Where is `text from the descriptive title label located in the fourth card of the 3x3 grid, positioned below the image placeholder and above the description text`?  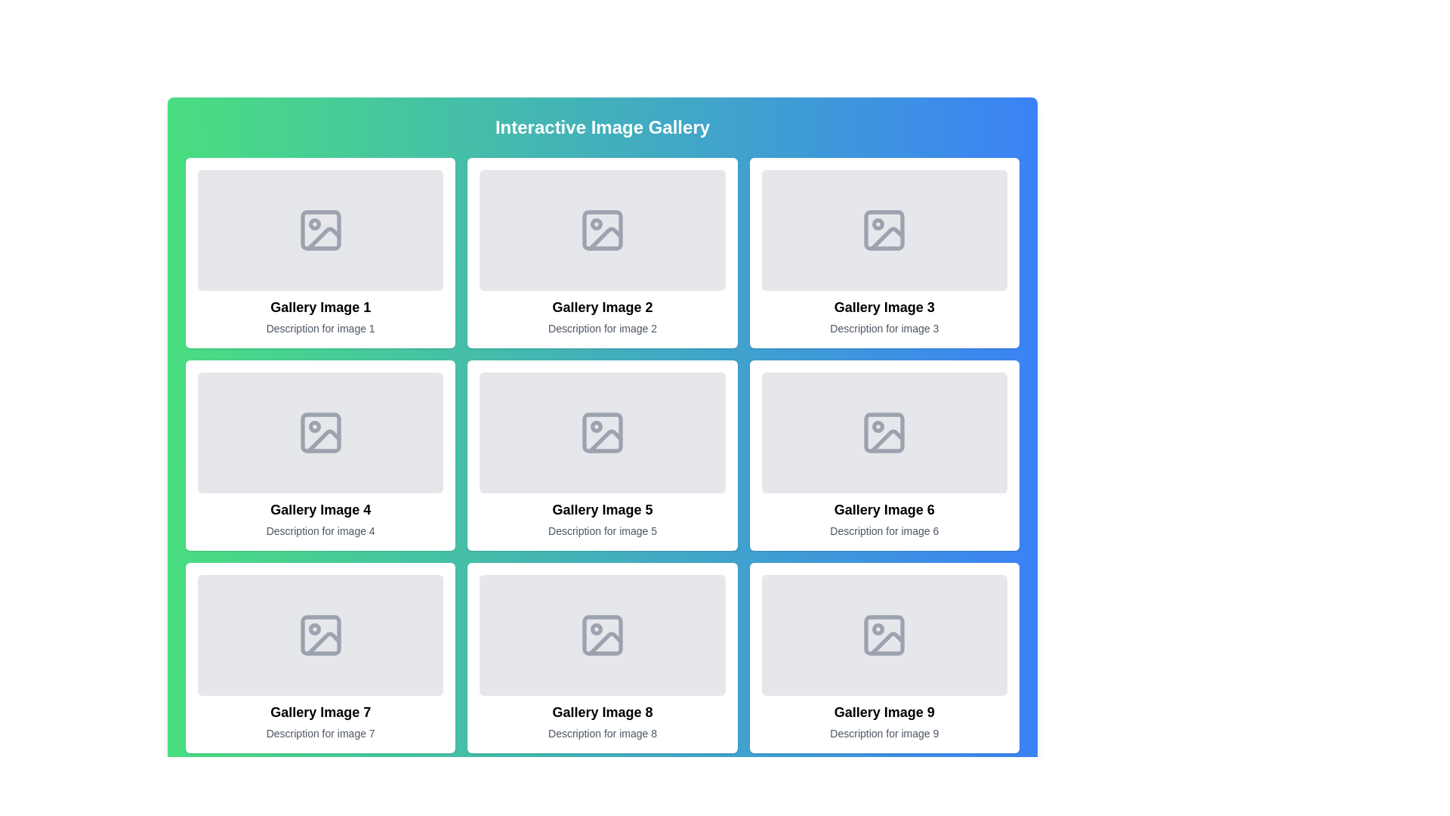 text from the descriptive title label located in the fourth card of the 3x3 grid, positioned below the image placeholder and above the description text is located at coordinates (319, 510).